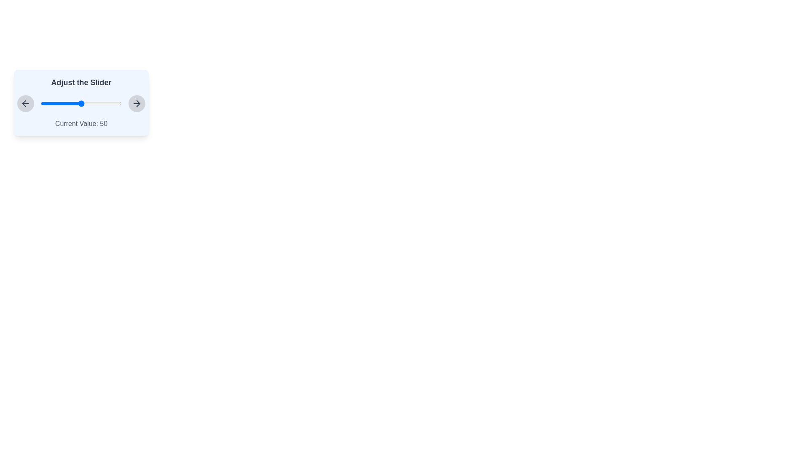 The height and width of the screenshot is (455, 809). Describe the element at coordinates (95, 103) in the screenshot. I see `the slider` at that location.